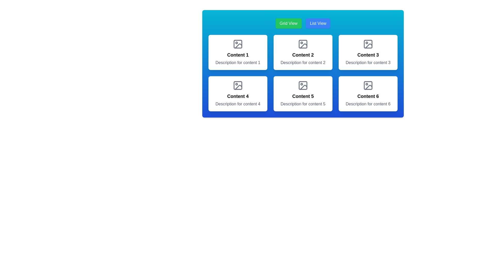 Image resolution: width=496 pixels, height=279 pixels. Describe the element at coordinates (303, 24) in the screenshot. I see `the 'Grid View' button on the Toggle control` at that location.